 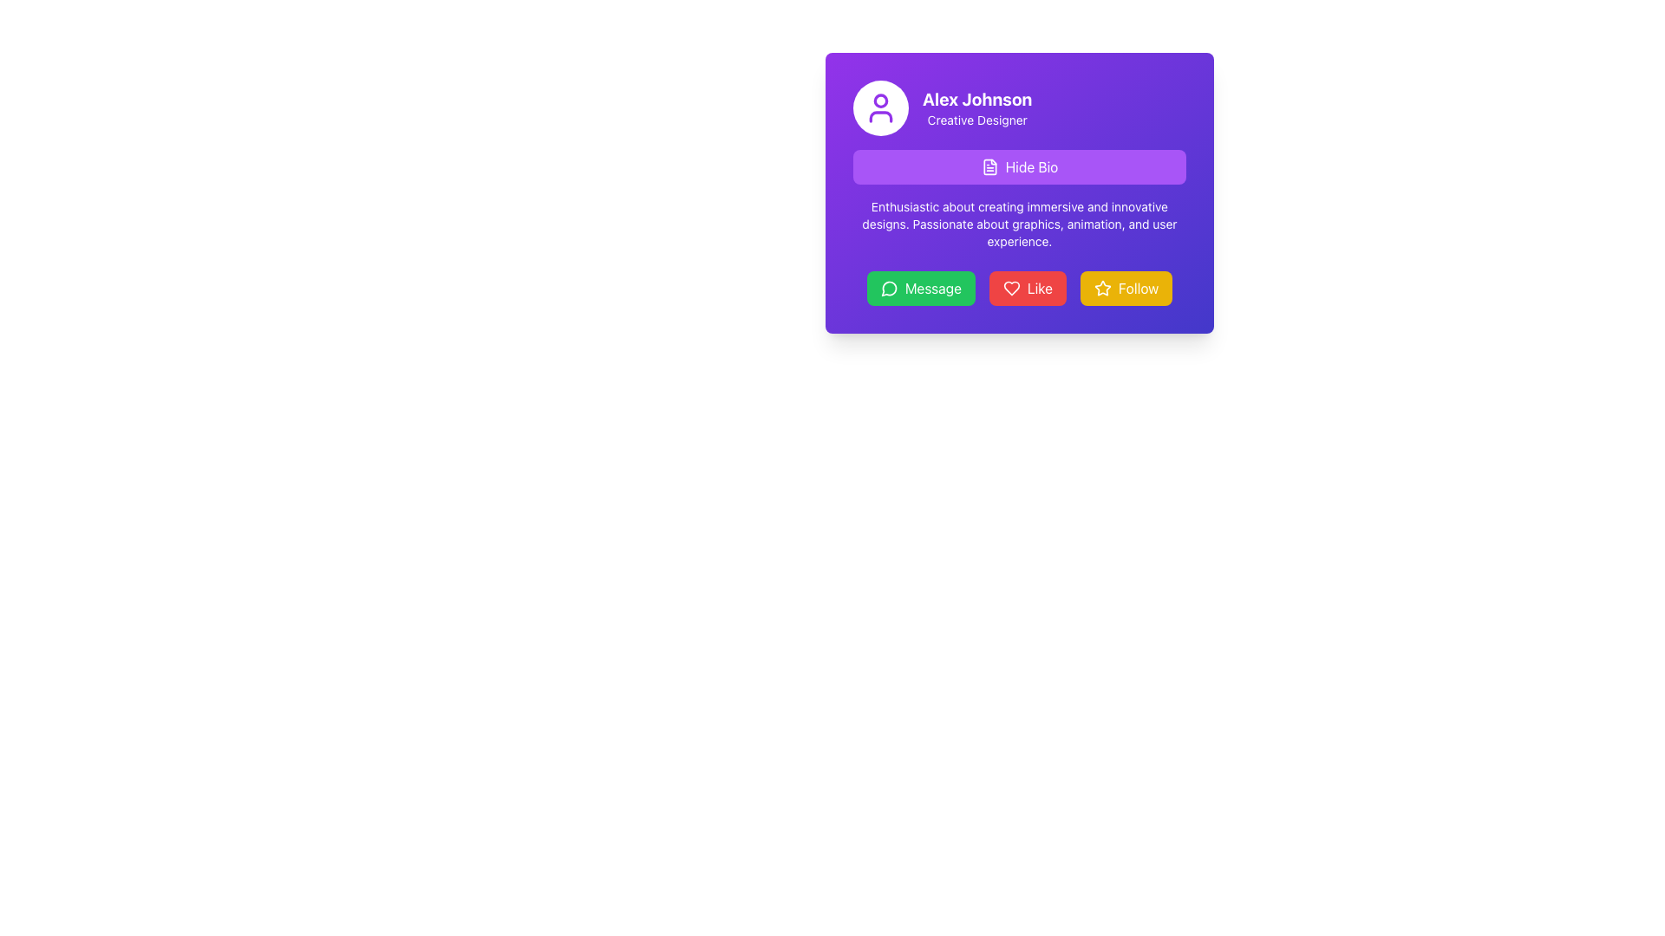 What do you see at coordinates (1101, 286) in the screenshot?
I see `the gold star icon that symbolizes affection or approval, located above the 'Follow' button at the bottom right of the profile card` at bounding box center [1101, 286].